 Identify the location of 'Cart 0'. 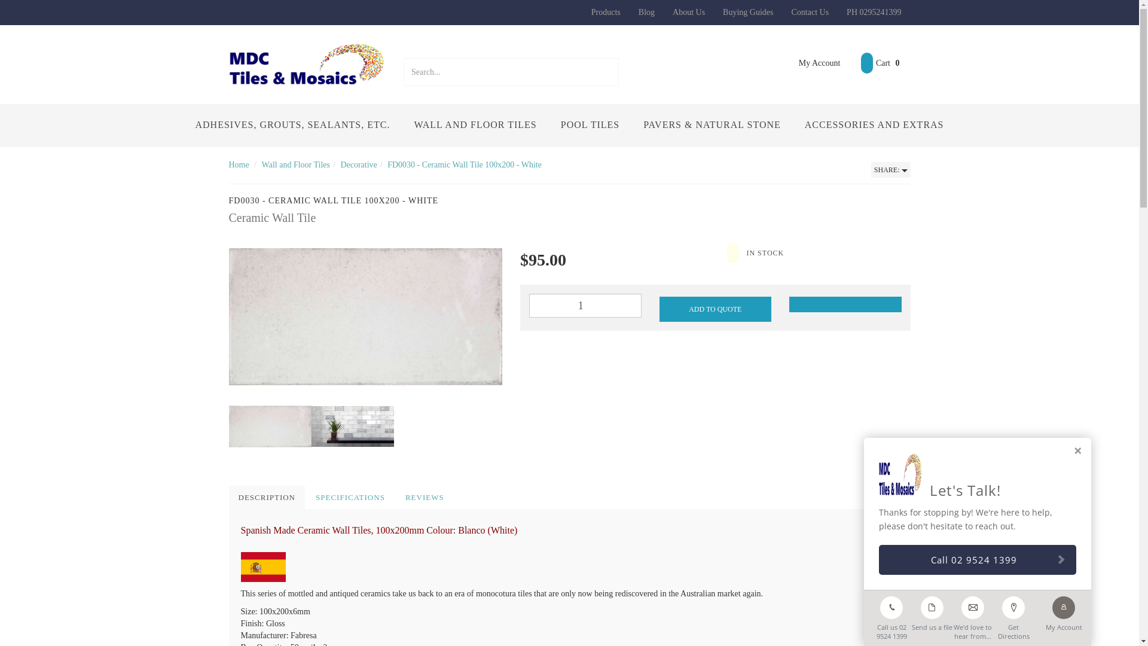
(849, 63).